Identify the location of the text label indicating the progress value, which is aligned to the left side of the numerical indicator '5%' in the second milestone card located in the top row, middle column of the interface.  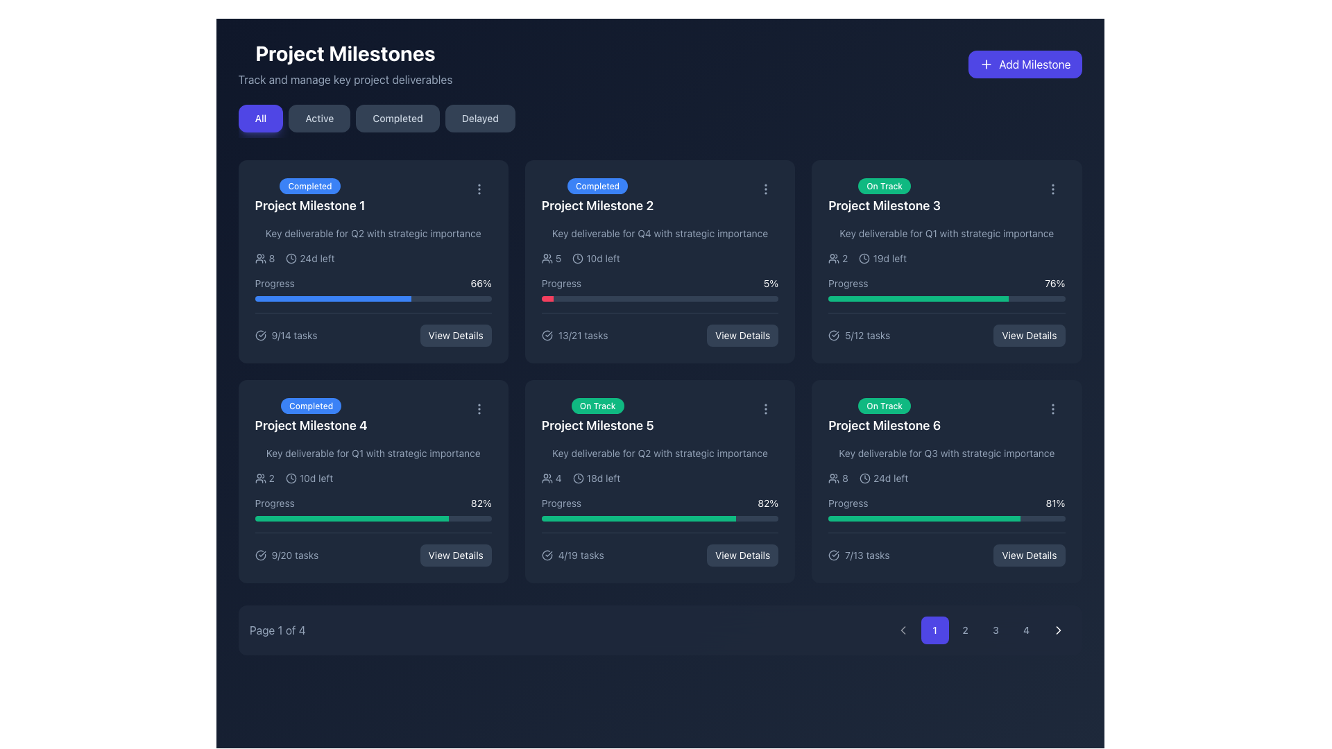
(561, 282).